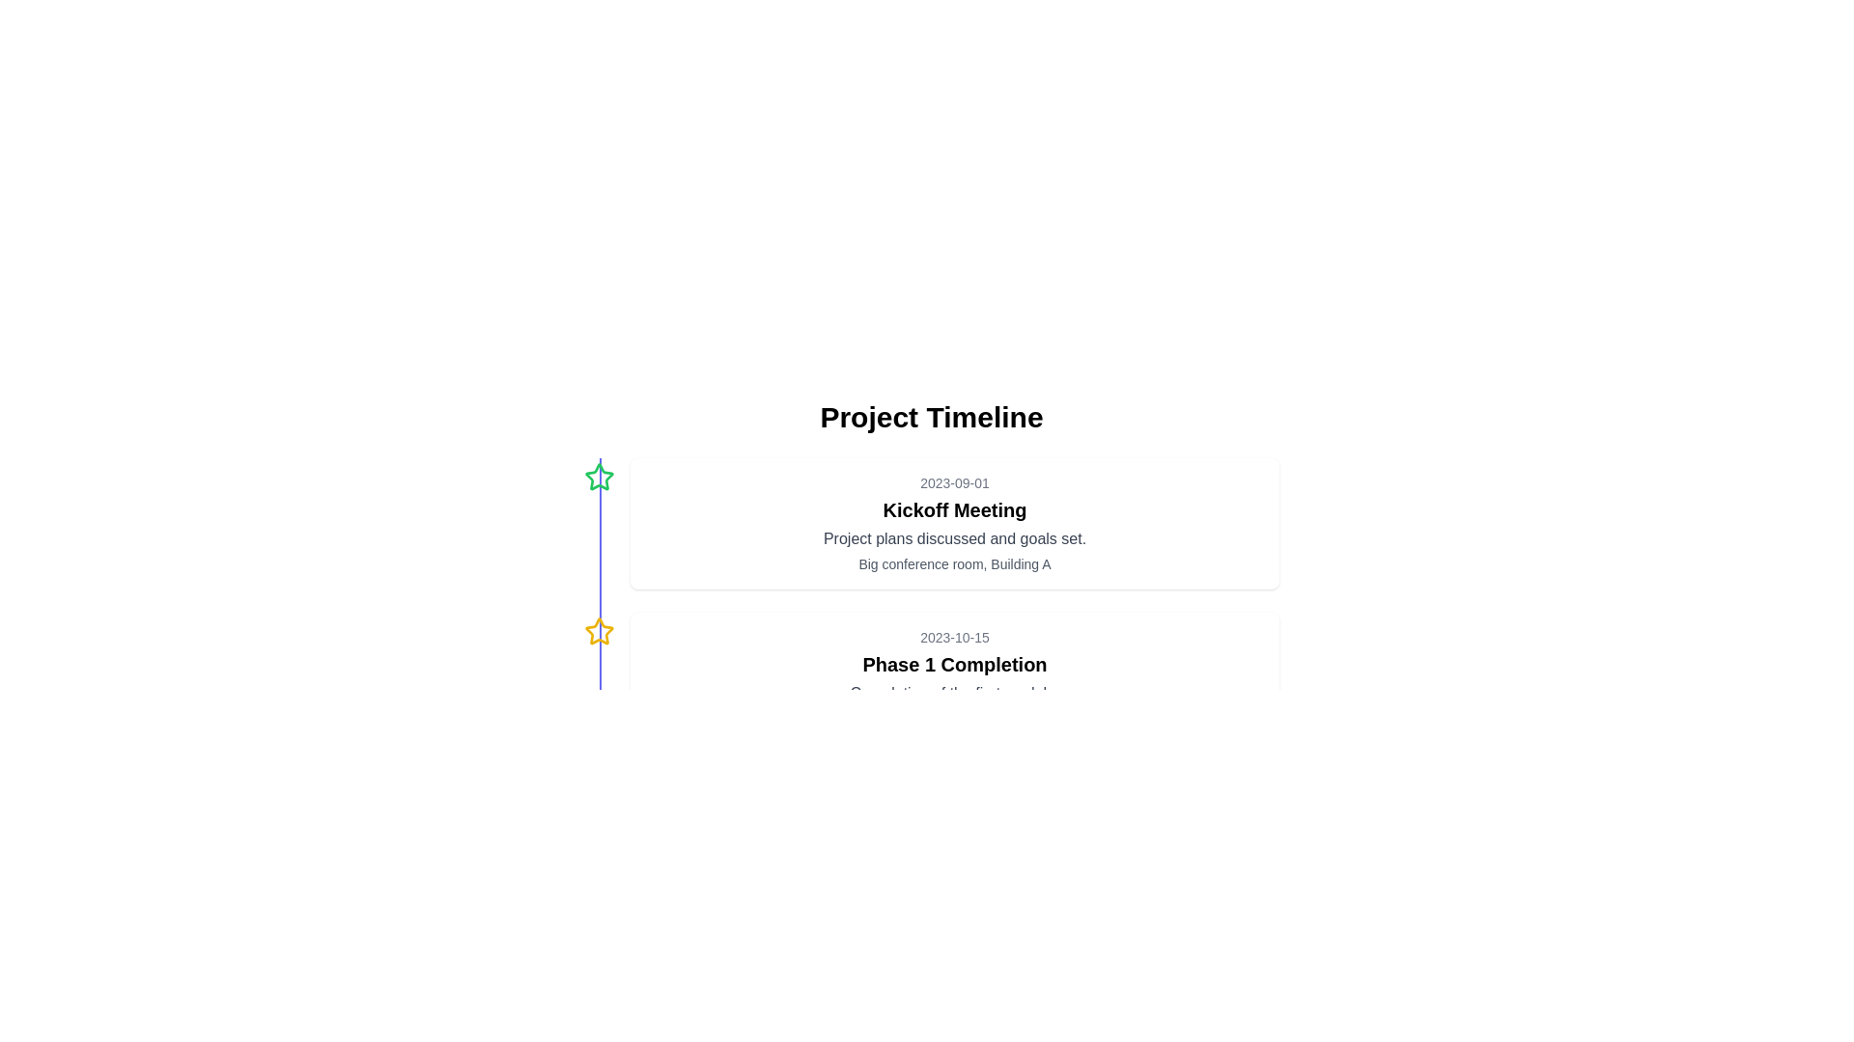  Describe the element at coordinates (954, 508) in the screenshot. I see `the text element displaying 'Kickoff Meeting', which is a bold title centrally aligned beneath the date '2023-09-01'` at that location.